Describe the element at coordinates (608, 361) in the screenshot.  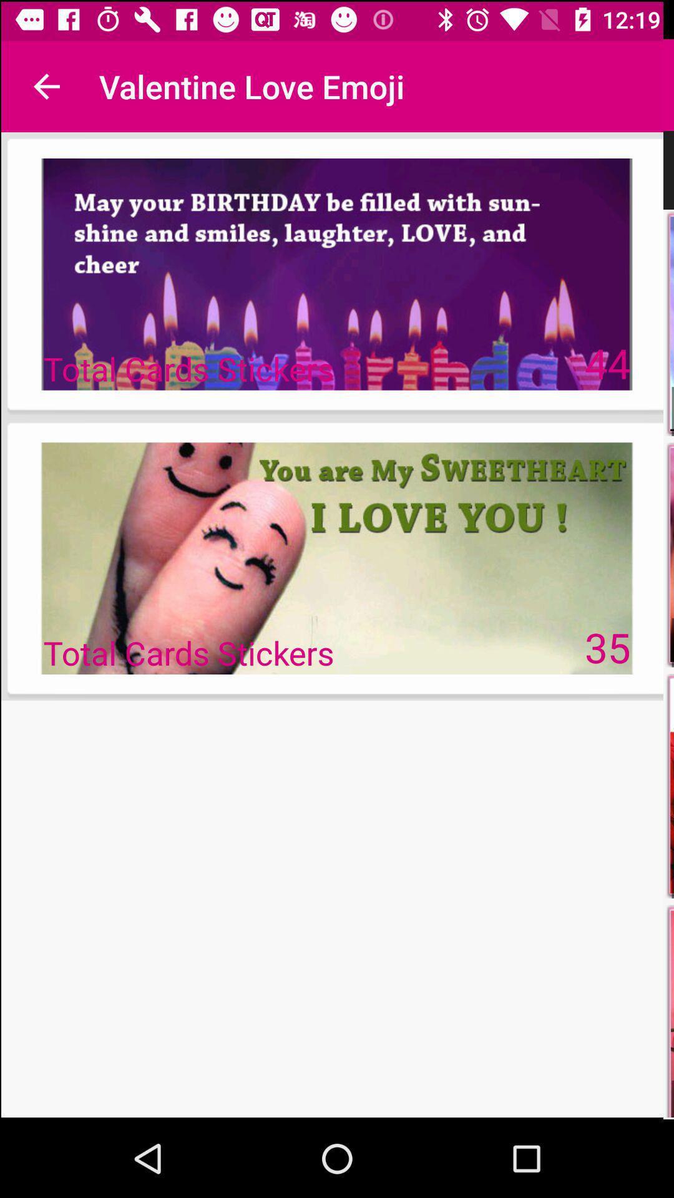
I see `the 44 icon` at that location.